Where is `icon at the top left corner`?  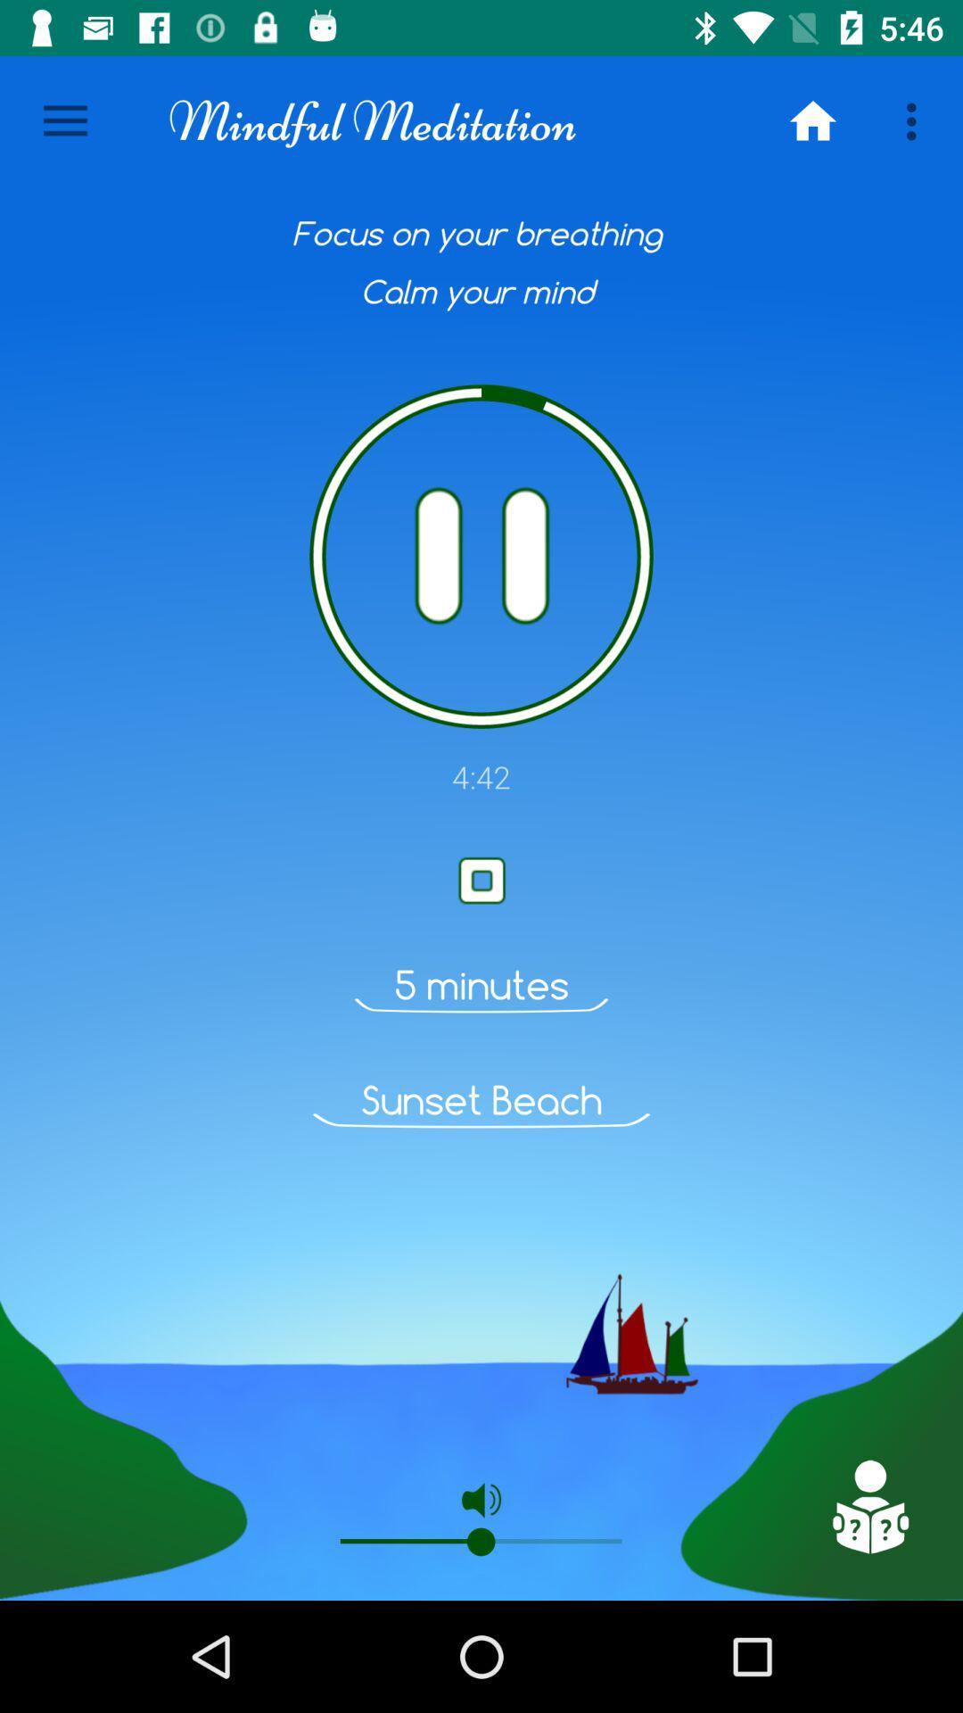
icon at the top left corner is located at coordinates (64, 120).